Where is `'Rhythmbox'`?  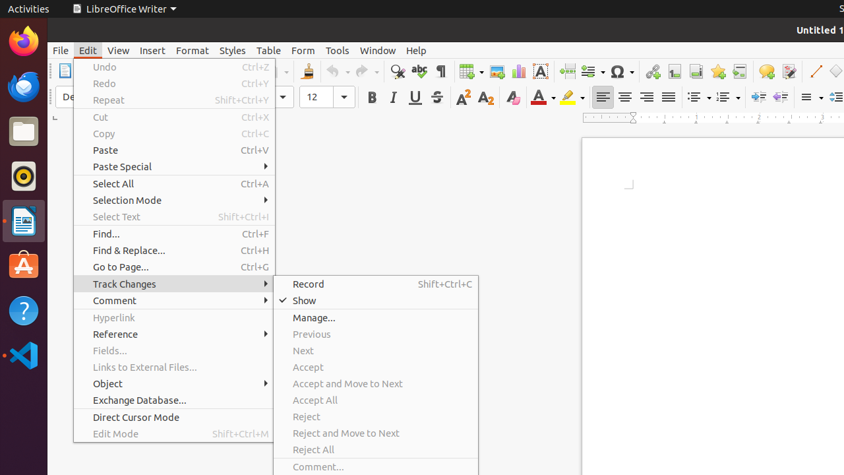
'Rhythmbox' is located at coordinates (23, 175).